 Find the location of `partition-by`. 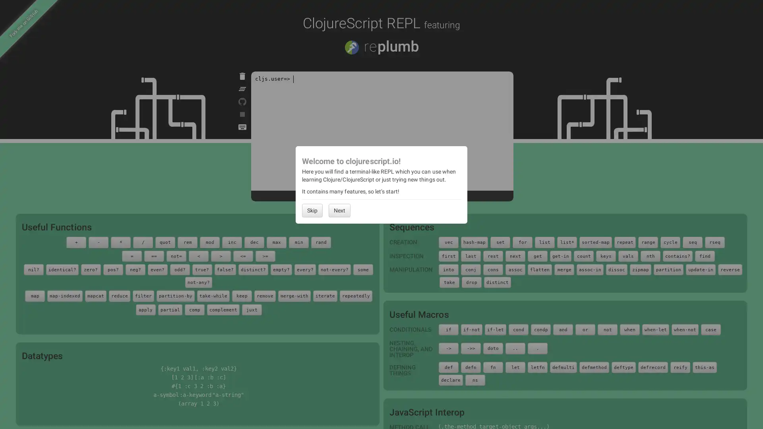

partition-by is located at coordinates (175, 296).